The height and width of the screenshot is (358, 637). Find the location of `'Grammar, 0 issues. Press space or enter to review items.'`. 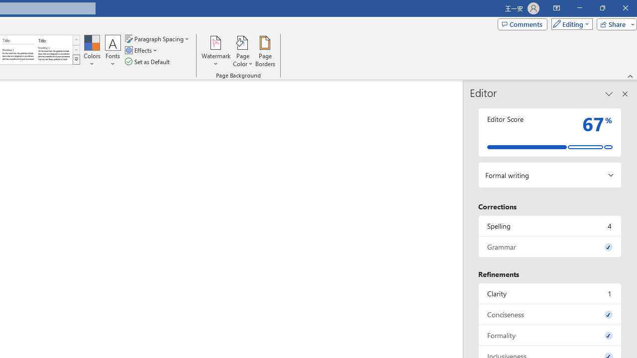

'Grammar, 0 issues. Press space or enter to review items.' is located at coordinates (549, 246).